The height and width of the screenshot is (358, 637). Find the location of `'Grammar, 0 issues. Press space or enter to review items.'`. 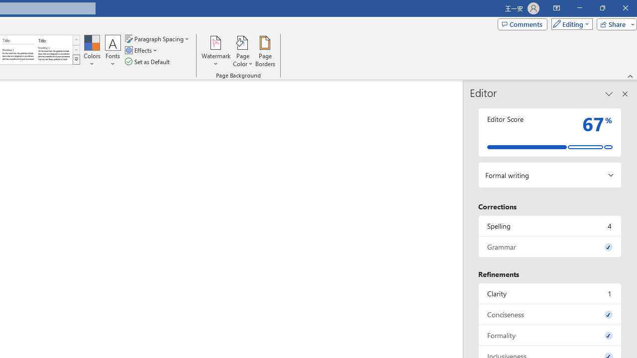

'Grammar, 0 issues. Press space or enter to review items.' is located at coordinates (549, 246).